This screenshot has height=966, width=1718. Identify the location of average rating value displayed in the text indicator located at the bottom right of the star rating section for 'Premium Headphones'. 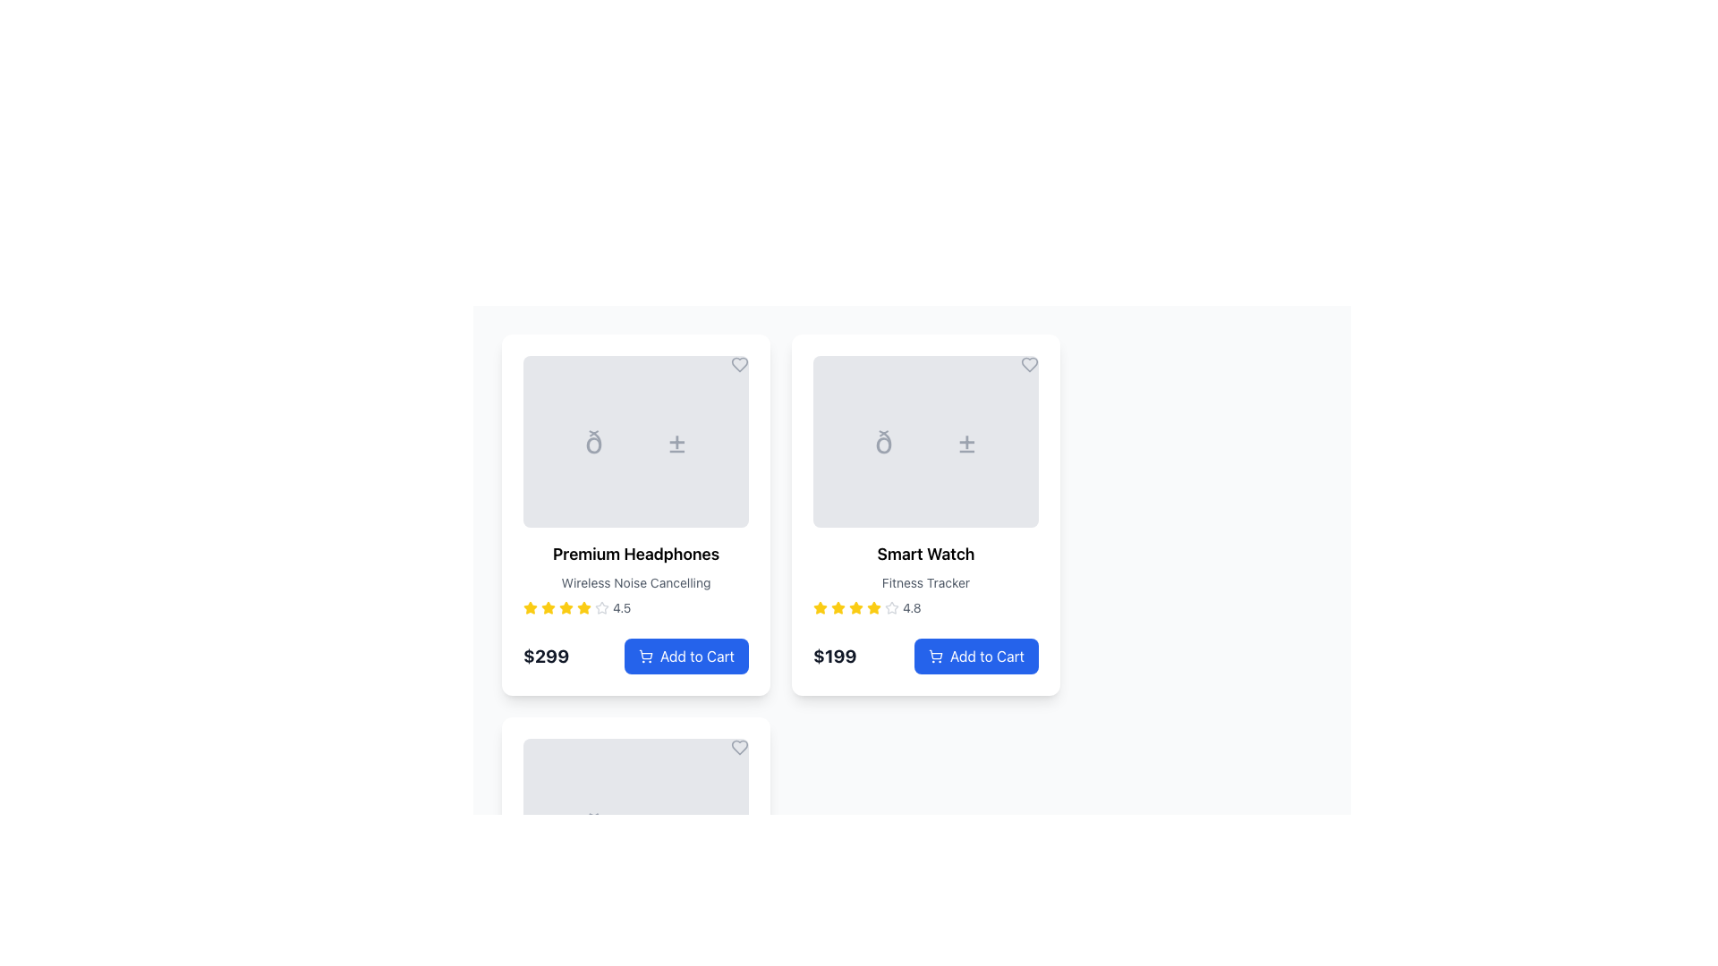
(622, 606).